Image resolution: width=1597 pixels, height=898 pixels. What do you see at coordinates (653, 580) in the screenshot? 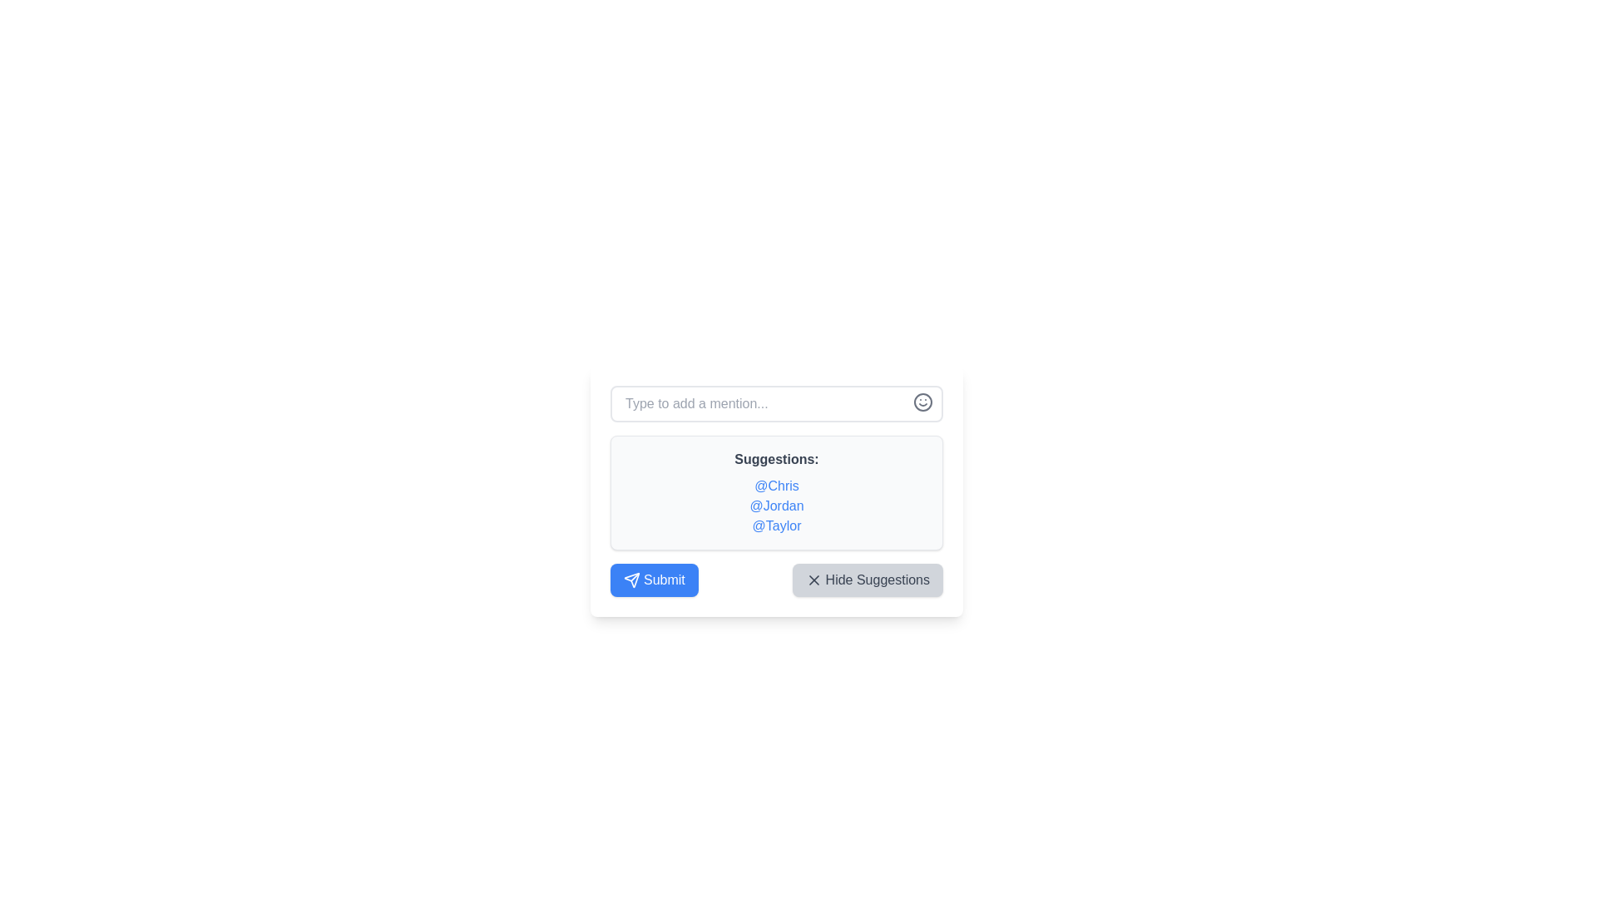
I see `the blue 'Submit' button with rounded corners` at bounding box center [653, 580].